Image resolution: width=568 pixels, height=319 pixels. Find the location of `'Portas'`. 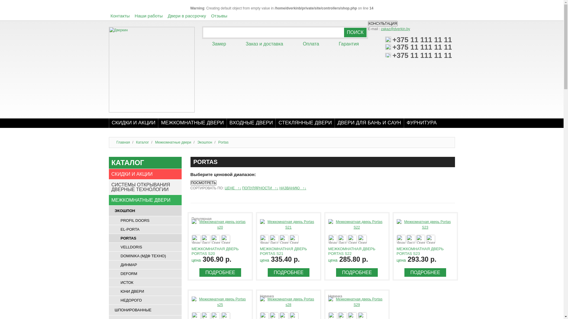

'Portas' is located at coordinates (223, 142).